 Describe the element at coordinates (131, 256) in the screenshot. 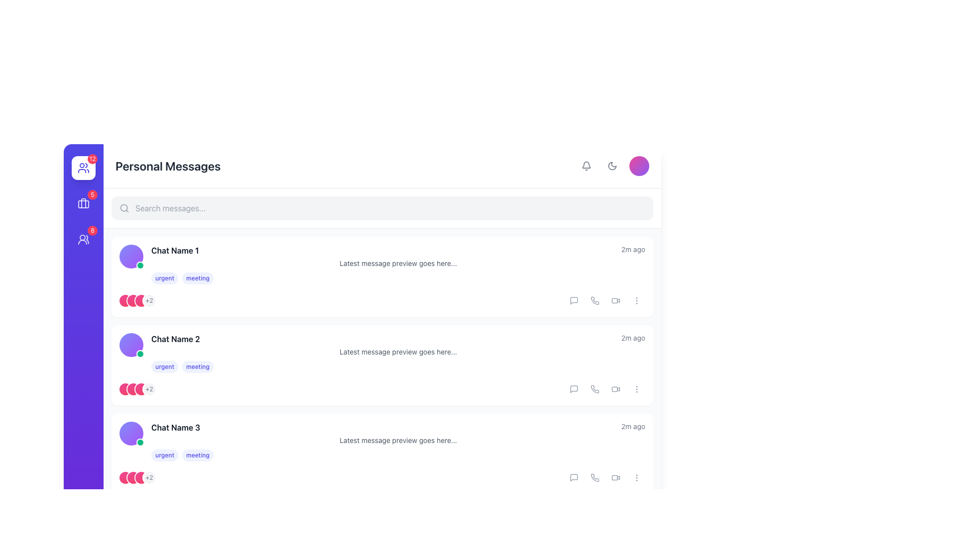

I see `the user's avatar located at the top-left of the list item labeled 'Chat Name 1'` at that location.